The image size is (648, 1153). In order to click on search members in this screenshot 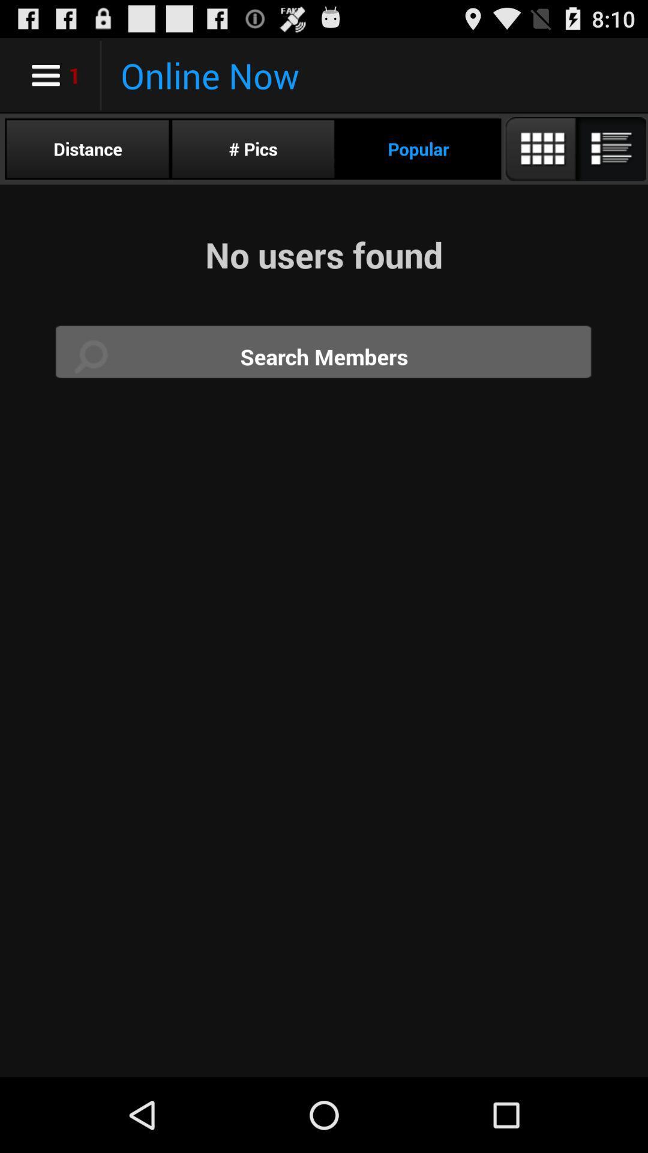, I will do `click(324, 356)`.